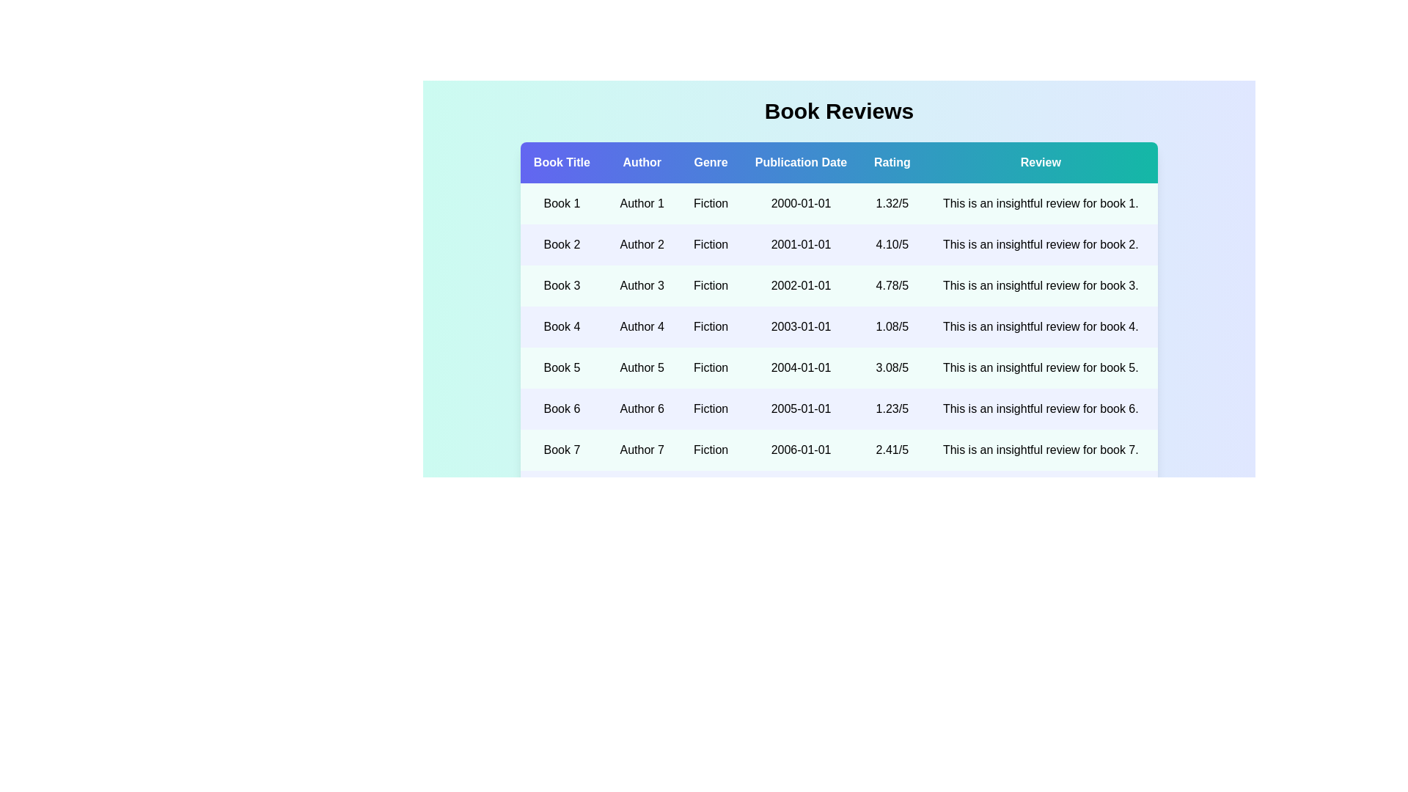  What do you see at coordinates (561, 367) in the screenshot?
I see `the book title Book 5 to view its details` at bounding box center [561, 367].